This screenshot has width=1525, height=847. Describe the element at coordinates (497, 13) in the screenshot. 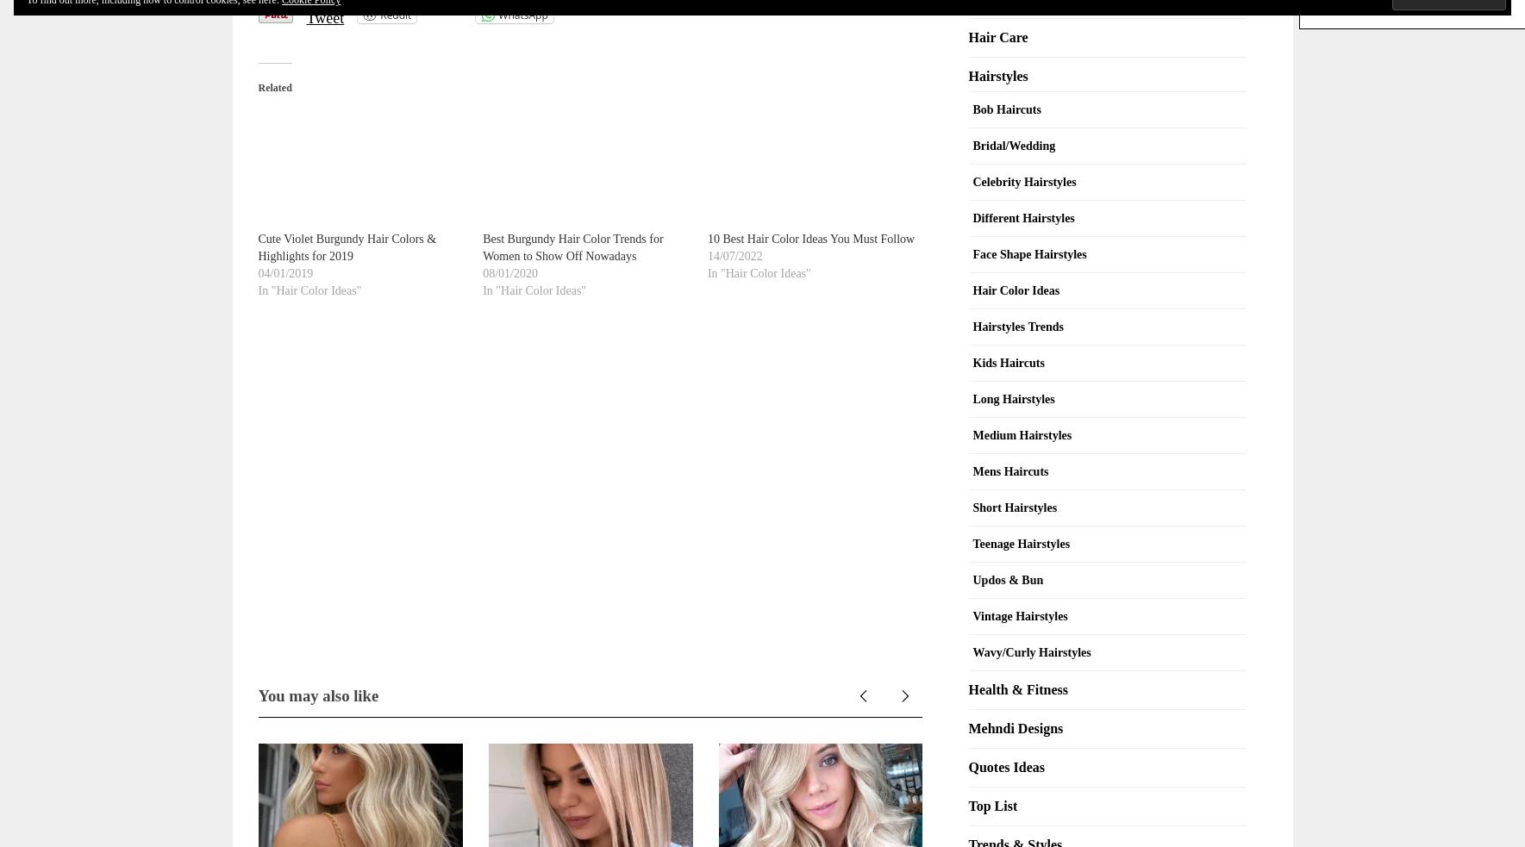

I see `'WhatsApp'` at that location.